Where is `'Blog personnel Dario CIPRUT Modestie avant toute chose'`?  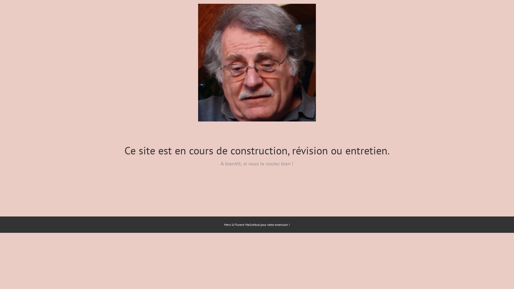 'Blog personnel Dario CIPRUT Modestie avant toute chose' is located at coordinates (257, 62).